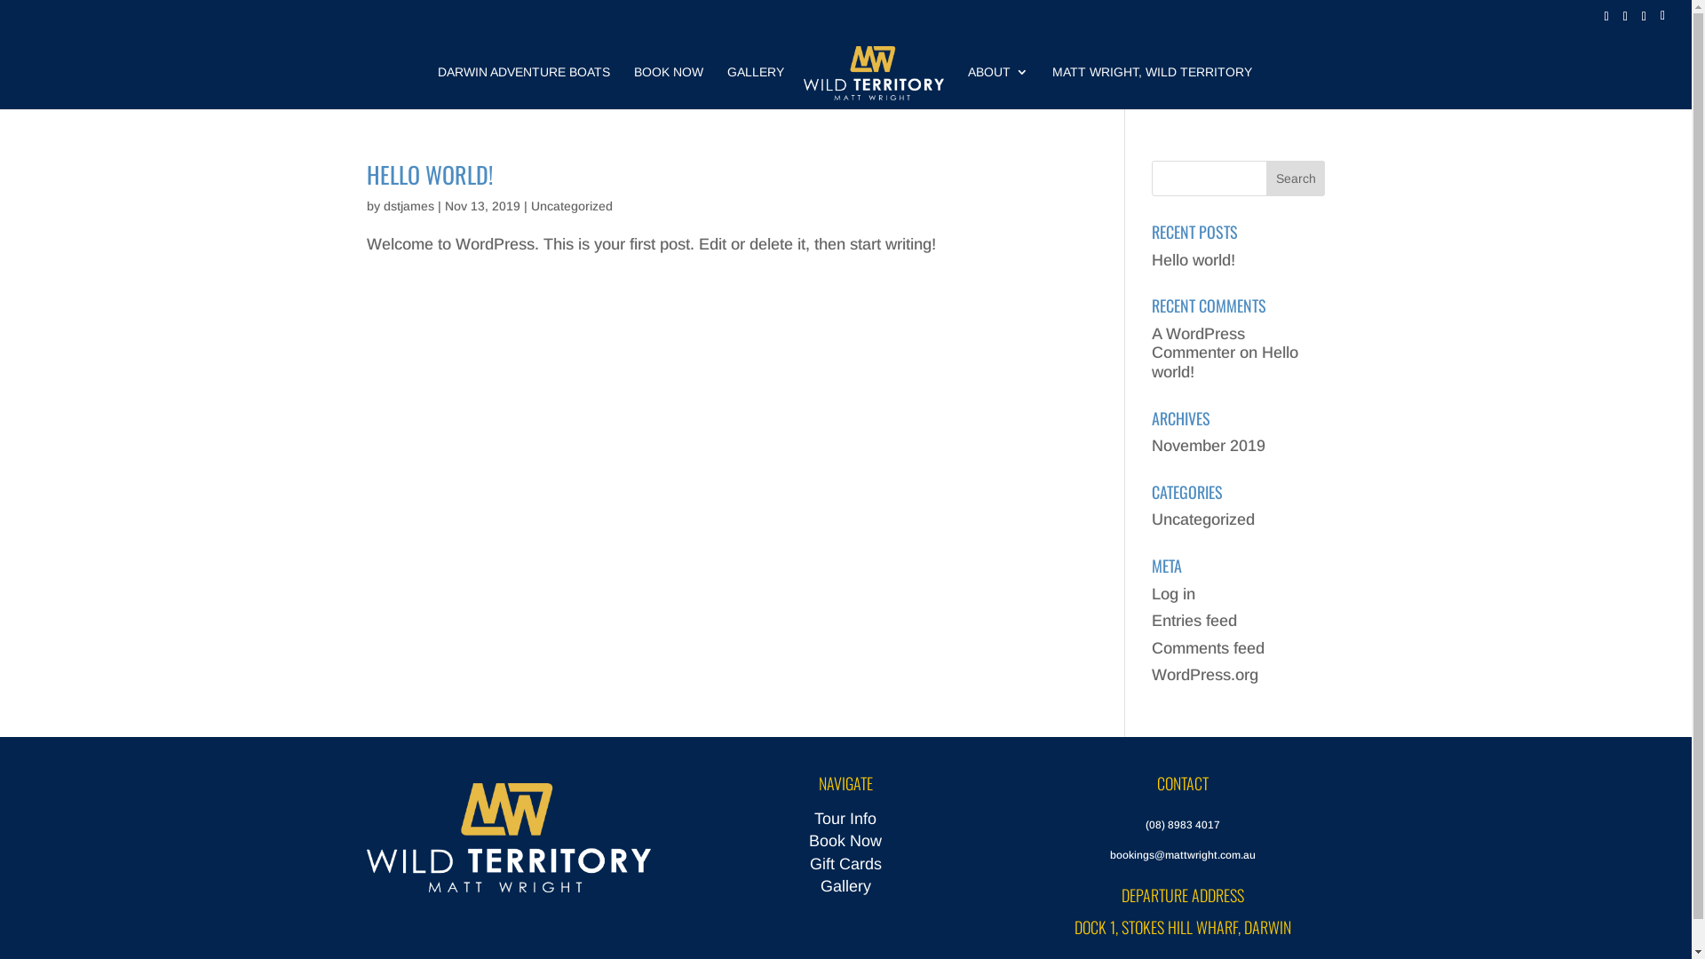  What do you see at coordinates (506, 837) in the screenshot?
I see `'MWWT-wide'` at bounding box center [506, 837].